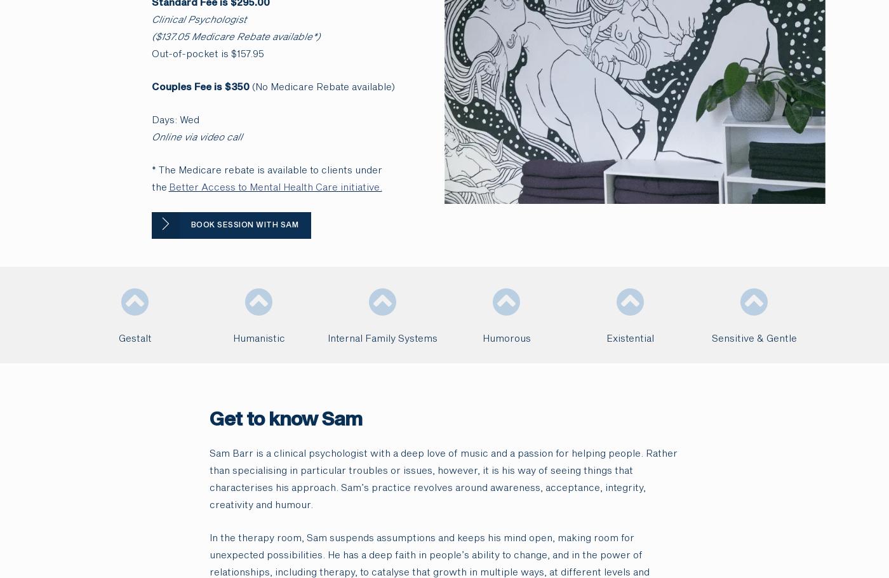 Image resolution: width=889 pixels, height=578 pixels. I want to click on 'Days: Wed', so click(175, 120).